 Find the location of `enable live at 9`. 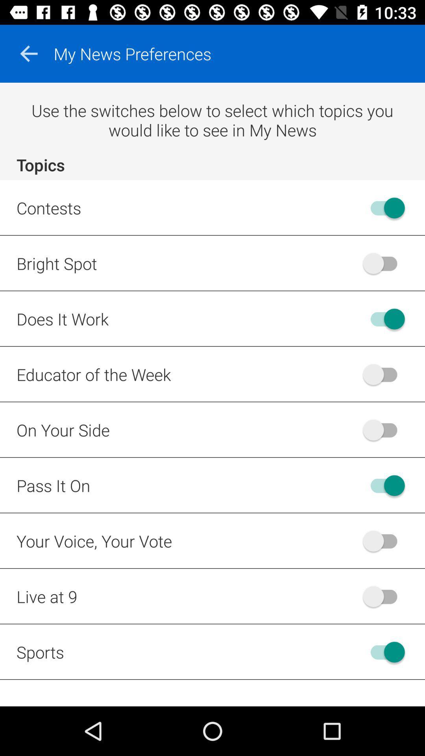

enable live at 9 is located at coordinates (383, 597).